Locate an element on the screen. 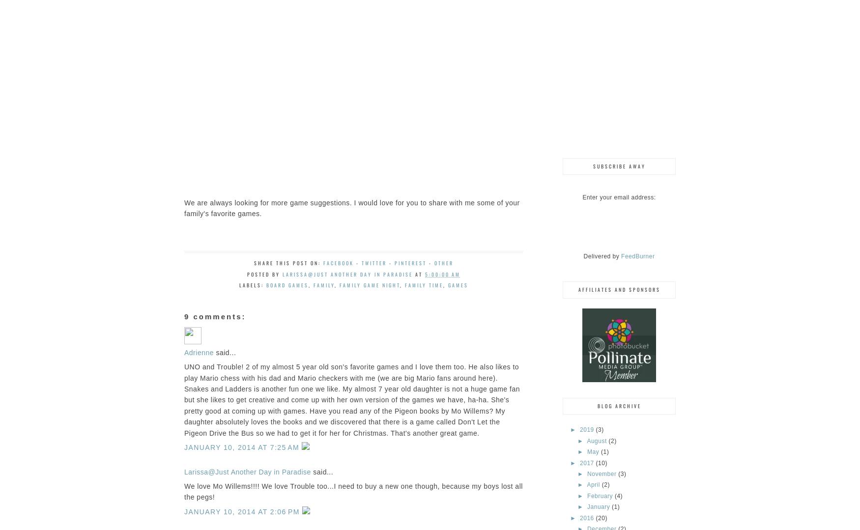 This screenshot has height=530, width=860. '(10)' is located at coordinates (596, 462).